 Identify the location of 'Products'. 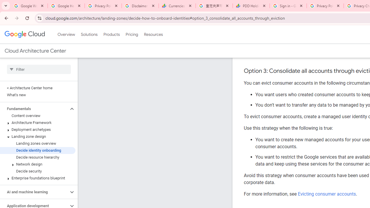
(111, 34).